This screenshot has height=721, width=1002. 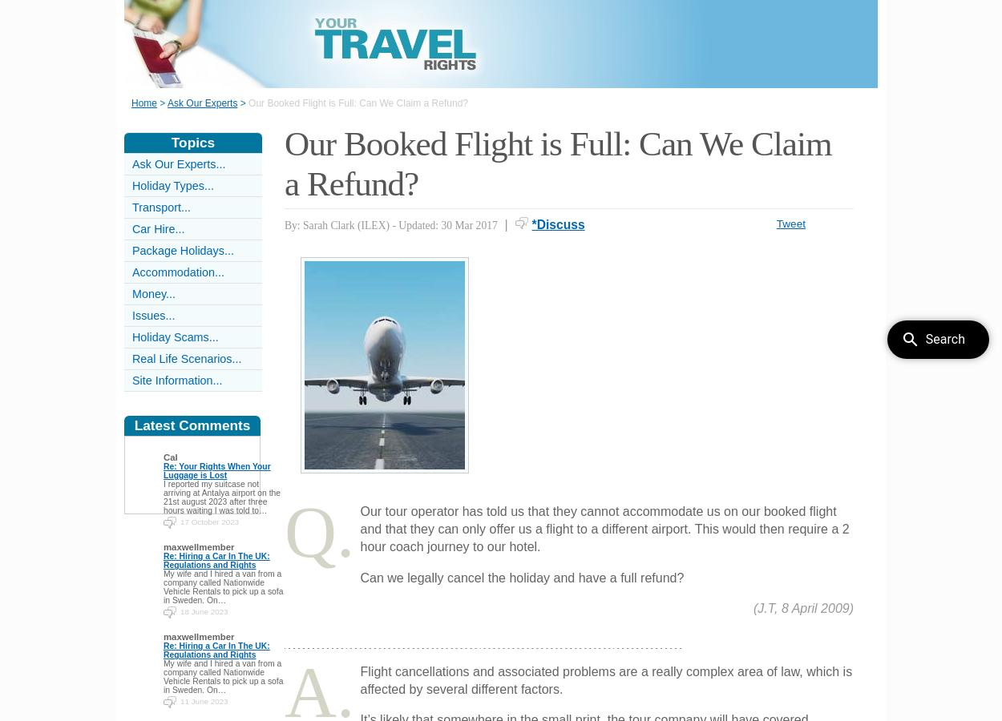 What do you see at coordinates (132, 207) in the screenshot?
I see `'Transport...'` at bounding box center [132, 207].